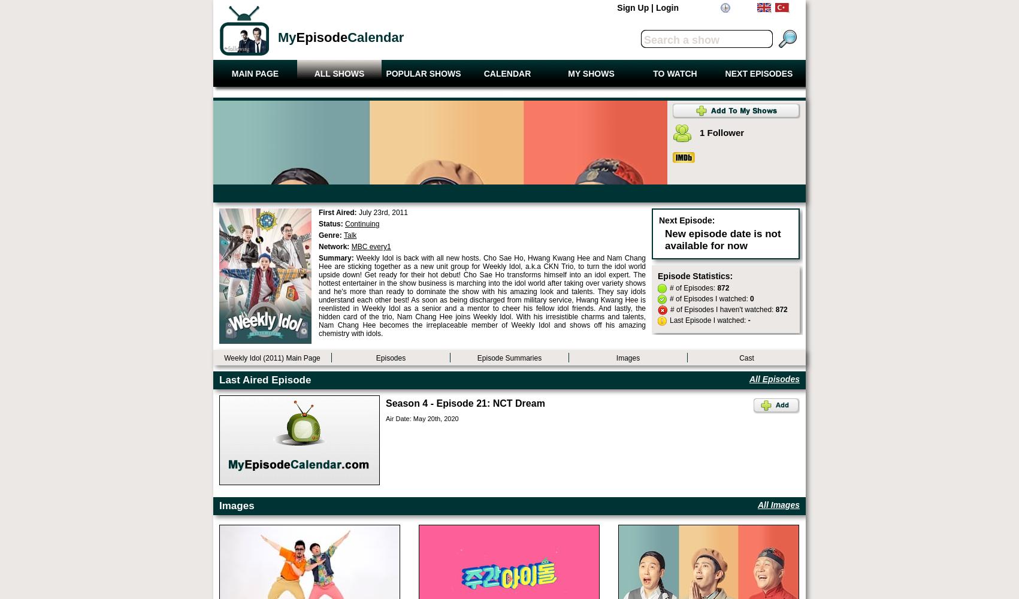 This screenshot has width=1019, height=599. What do you see at coordinates (748, 320) in the screenshot?
I see `'-'` at bounding box center [748, 320].